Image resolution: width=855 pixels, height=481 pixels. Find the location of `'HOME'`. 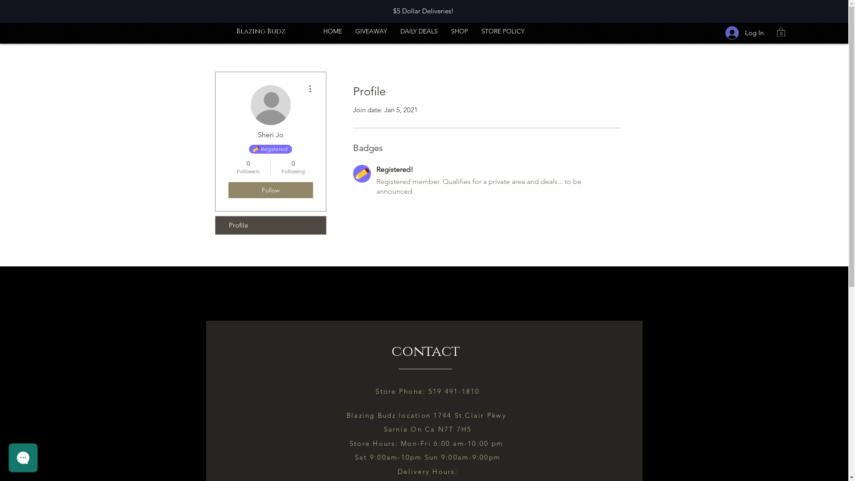

'HOME' is located at coordinates (316, 30).